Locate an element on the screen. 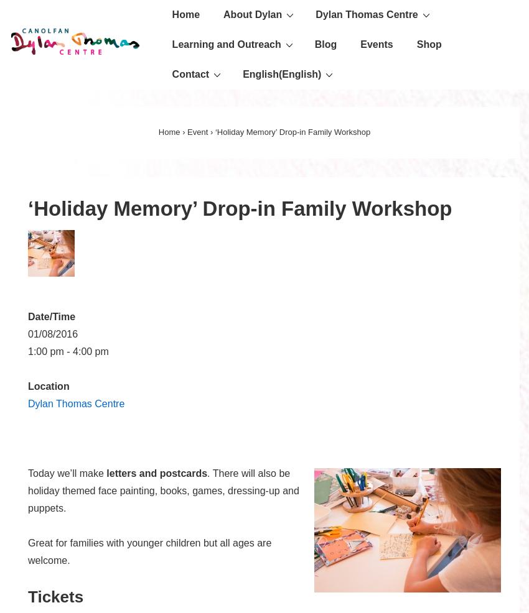  '. There will also be holiday themed face painting, books, games, dressing-up and puppets.' is located at coordinates (27, 491).